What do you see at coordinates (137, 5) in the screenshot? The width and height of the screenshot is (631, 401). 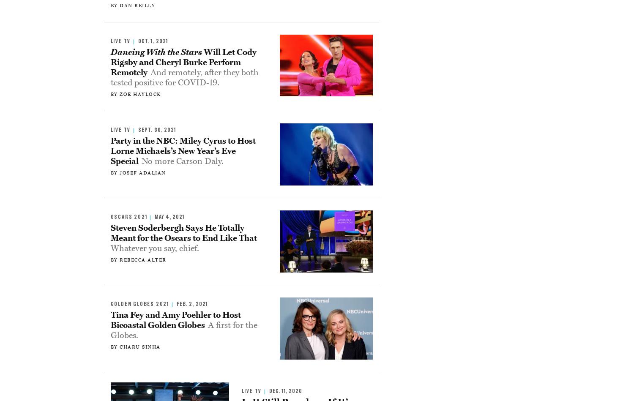 I see `'Dan Reilly'` at bounding box center [137, 5].